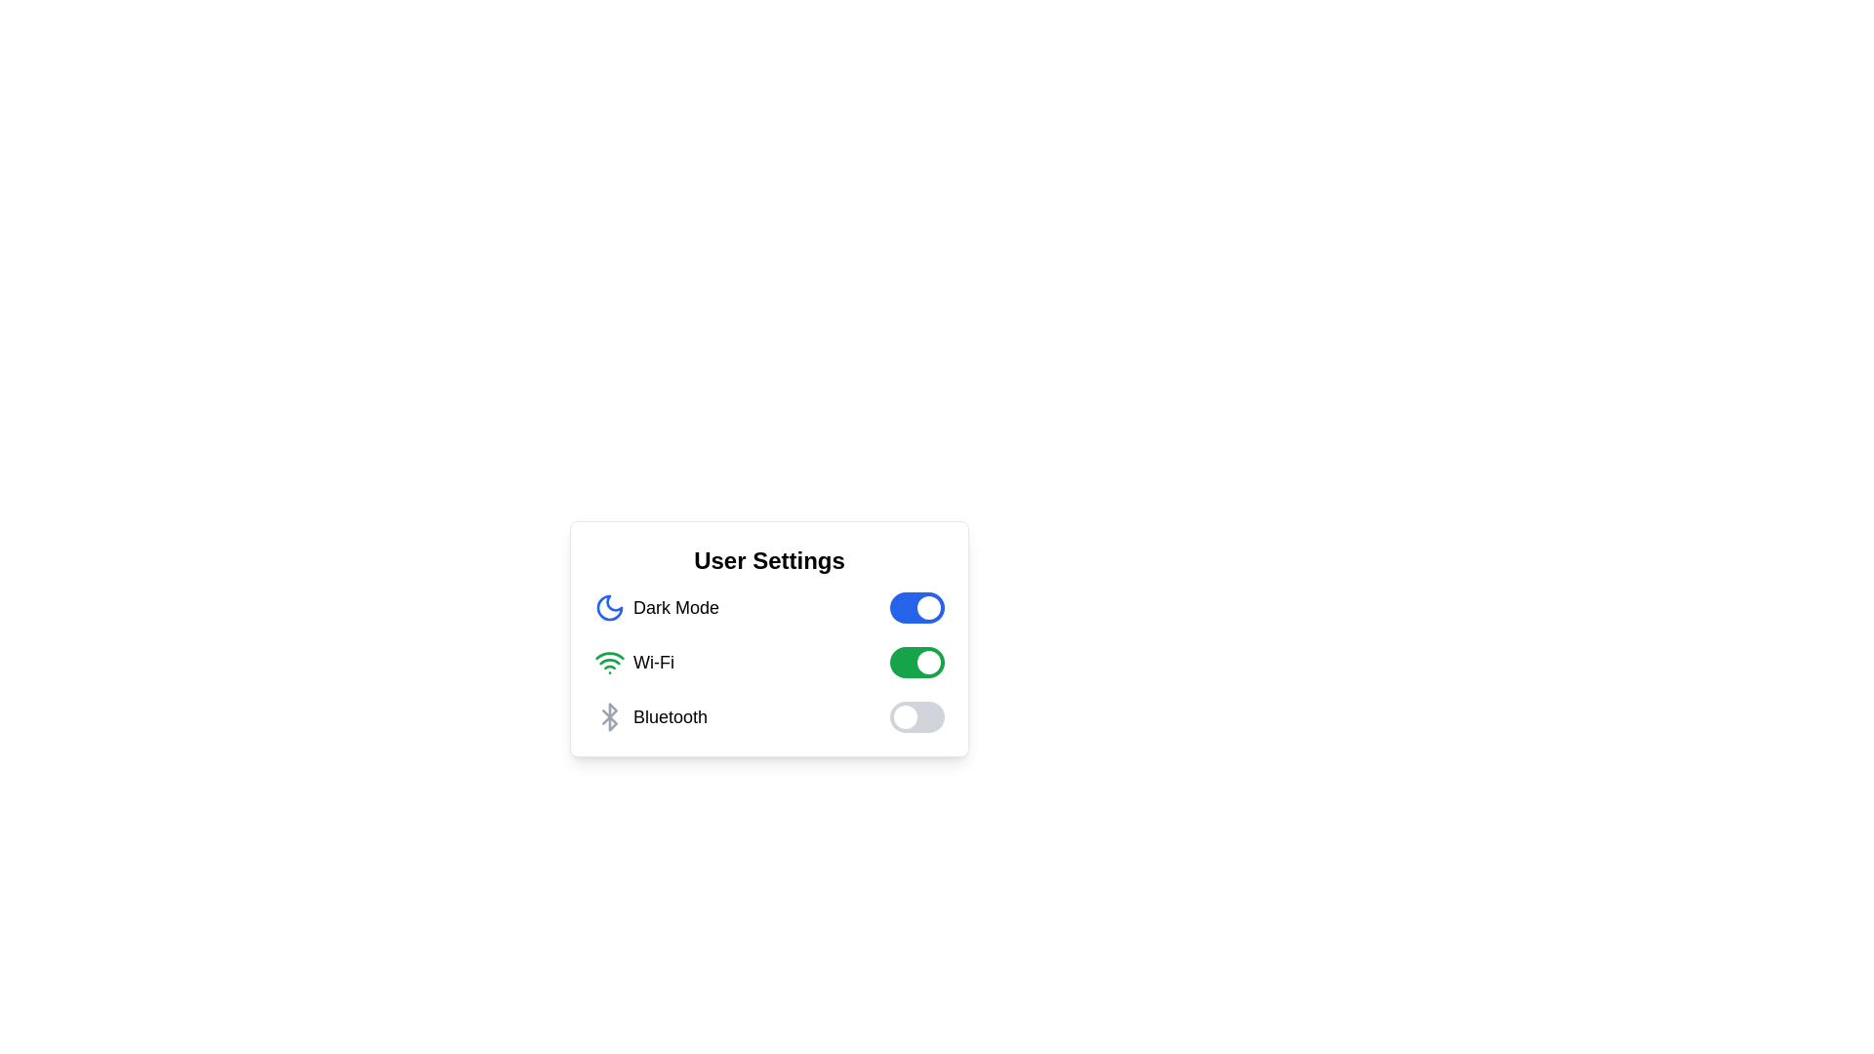  I want to click on the 'Dark Mode' label with a crescent moon icon in blue, which is the first item in the User Settings interface, so click(656, 607).